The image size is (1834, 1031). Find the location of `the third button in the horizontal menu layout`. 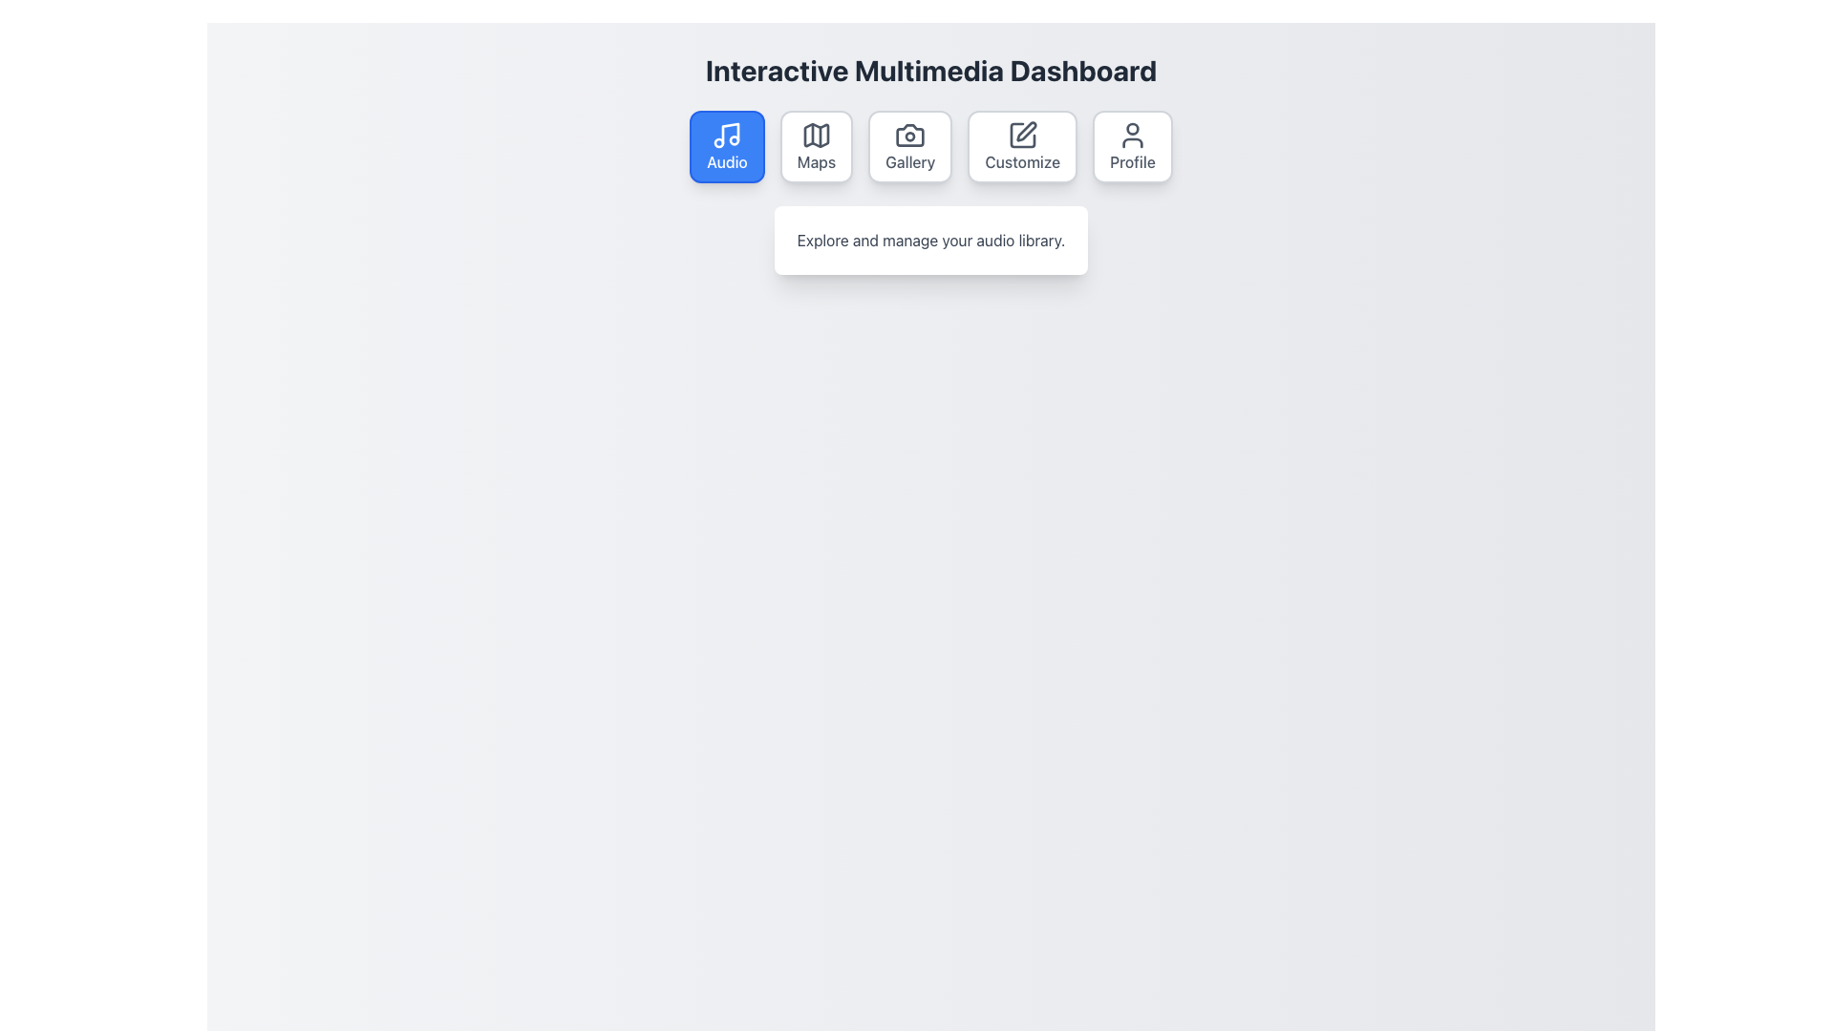

the third button in the horizontal menu layout is located at coordinates (930, 146).